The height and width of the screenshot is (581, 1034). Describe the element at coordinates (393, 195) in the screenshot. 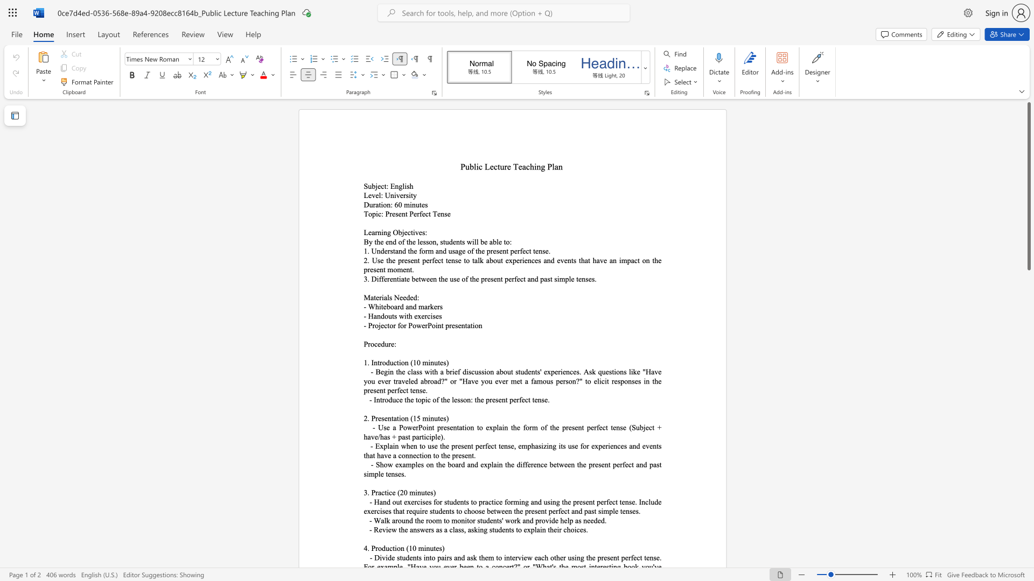

I see `the subset text "iver" within the text "Level: University"` at that location.